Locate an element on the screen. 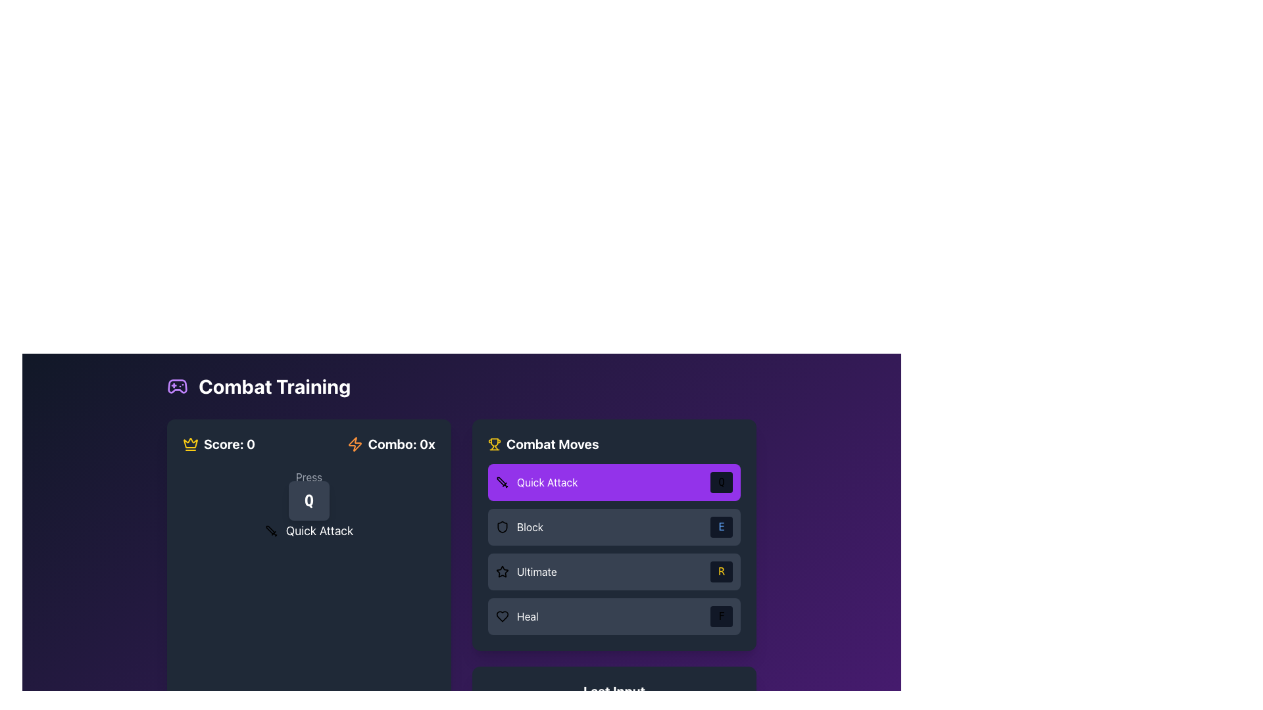 Image resolution: width=1263 pixels, height=710 pixels. the icon of the Composite component featuring the label 'Q', which is located in the Combat Training panel on the left side of the interface is located at coordinates (309, 504).